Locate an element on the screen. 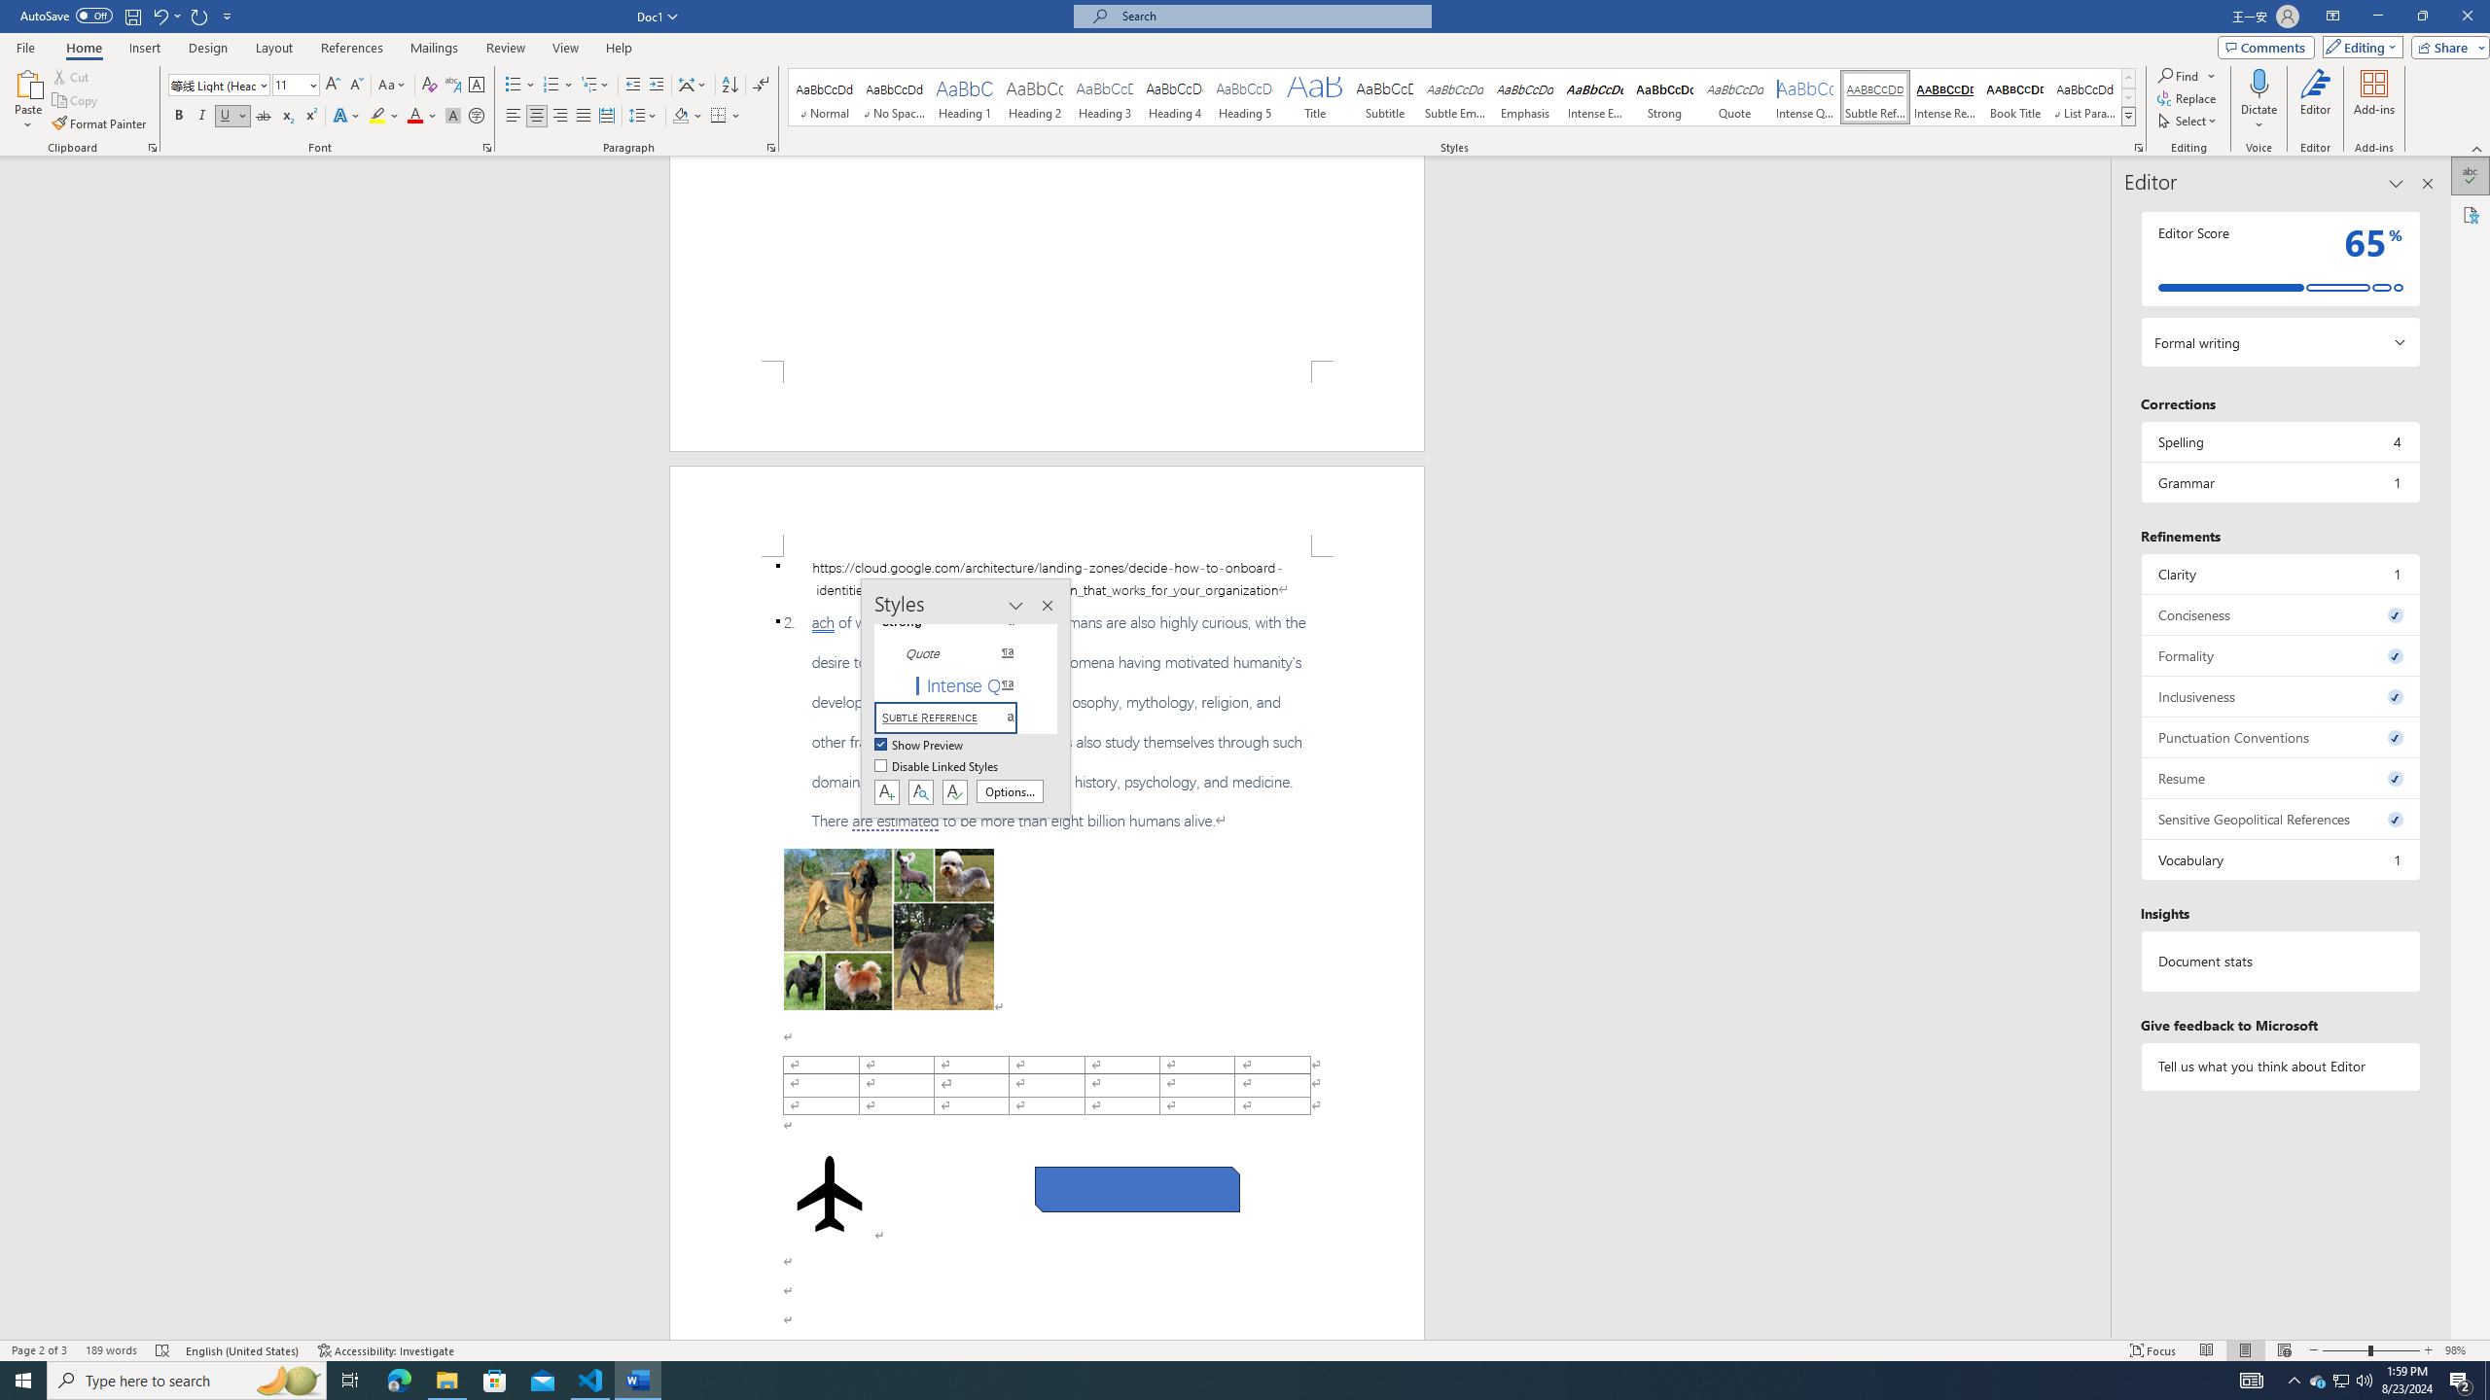 The image size is (2490, 1400). 'Decrease Indent' is located at coordinates (633, 85).